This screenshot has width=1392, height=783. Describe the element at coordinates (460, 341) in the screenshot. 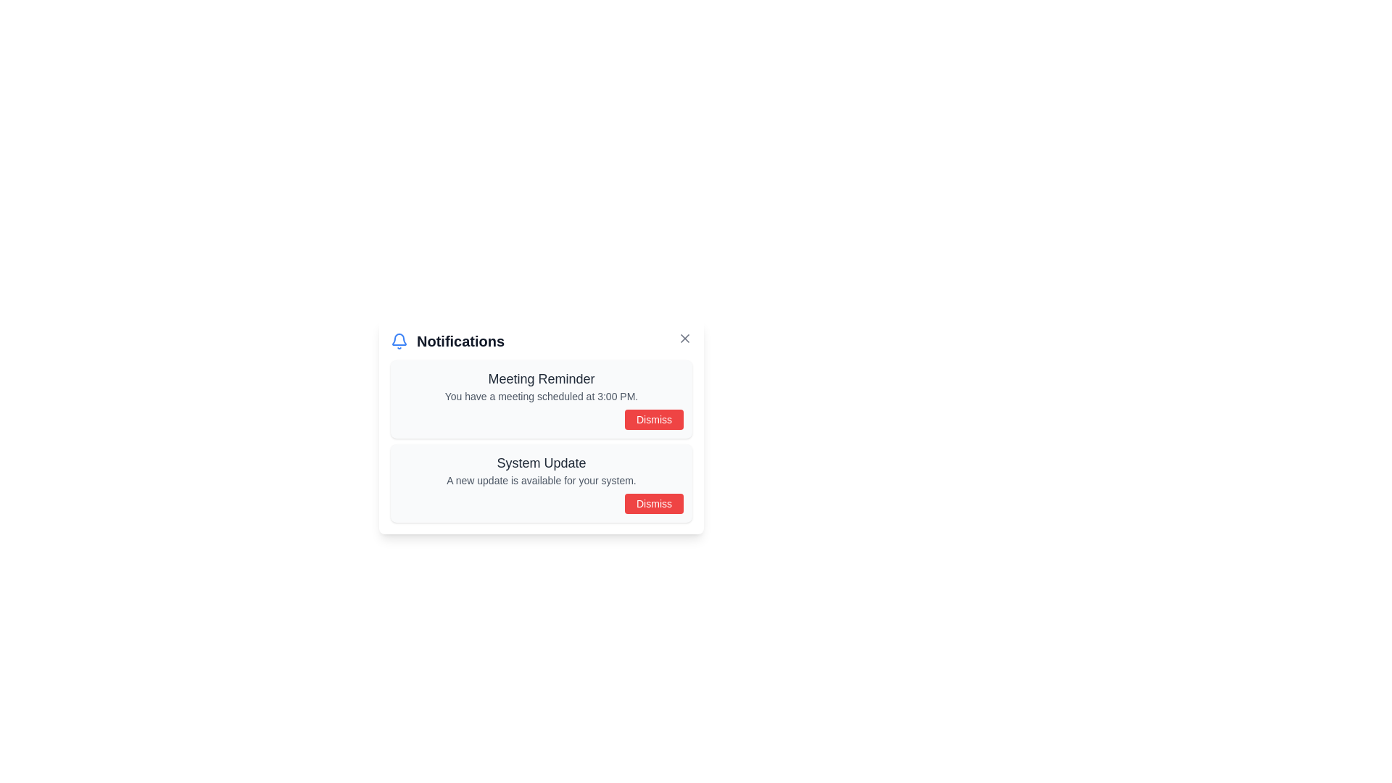

I see `the 'Notifications' text label, which is styled in bold and dark gray, serving as the title for the notification section` at that location.